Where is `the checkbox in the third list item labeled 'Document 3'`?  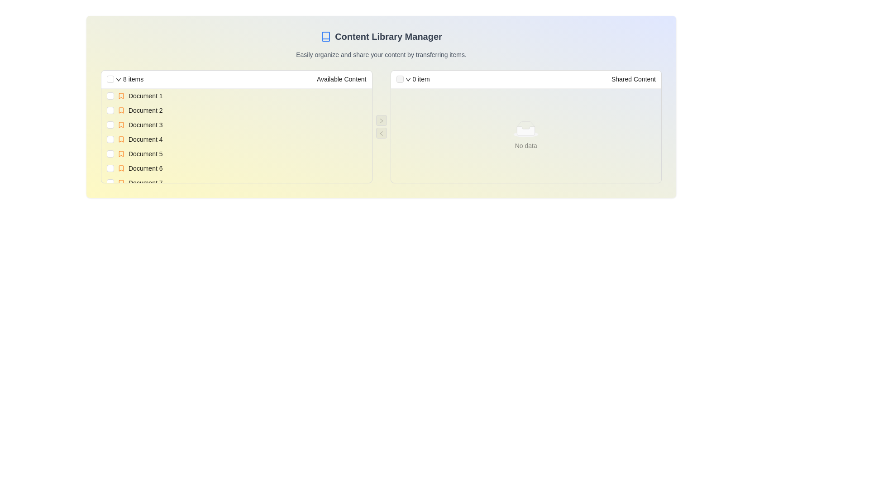
the checkbox in the third list item labeled 'Document 3' is located at coordinates (236, 125).